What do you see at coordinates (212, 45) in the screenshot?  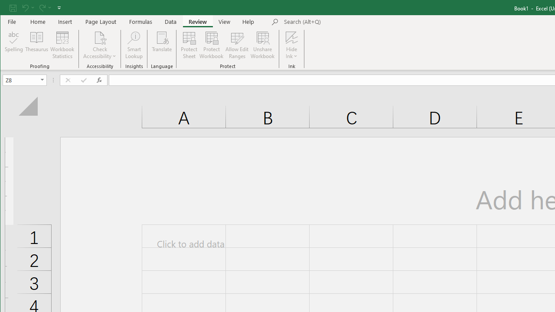 I see `'Protect Workbook...'` at bounding box center [212, 45].